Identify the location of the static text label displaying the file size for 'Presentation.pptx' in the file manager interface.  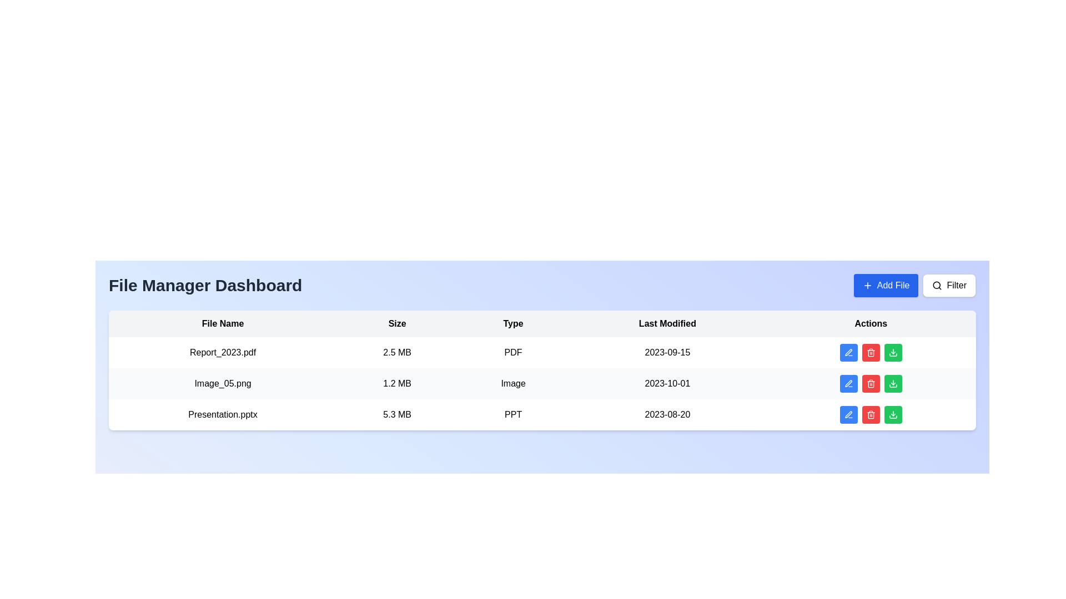
(397, 415).